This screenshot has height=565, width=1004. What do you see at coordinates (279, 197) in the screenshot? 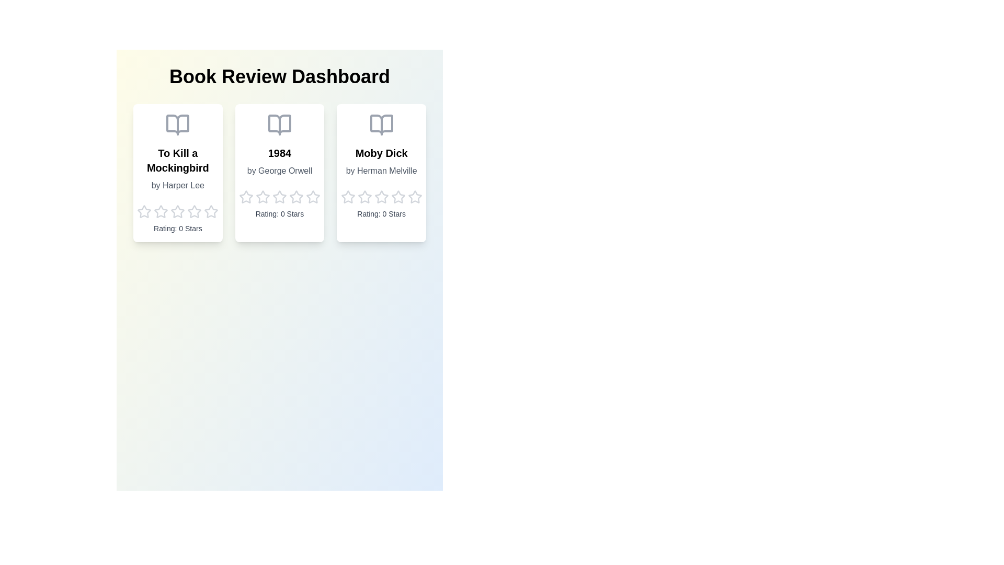
I see `the star icon corresponding to the rating 3 for the book 2` at bounding box center [279, 197].